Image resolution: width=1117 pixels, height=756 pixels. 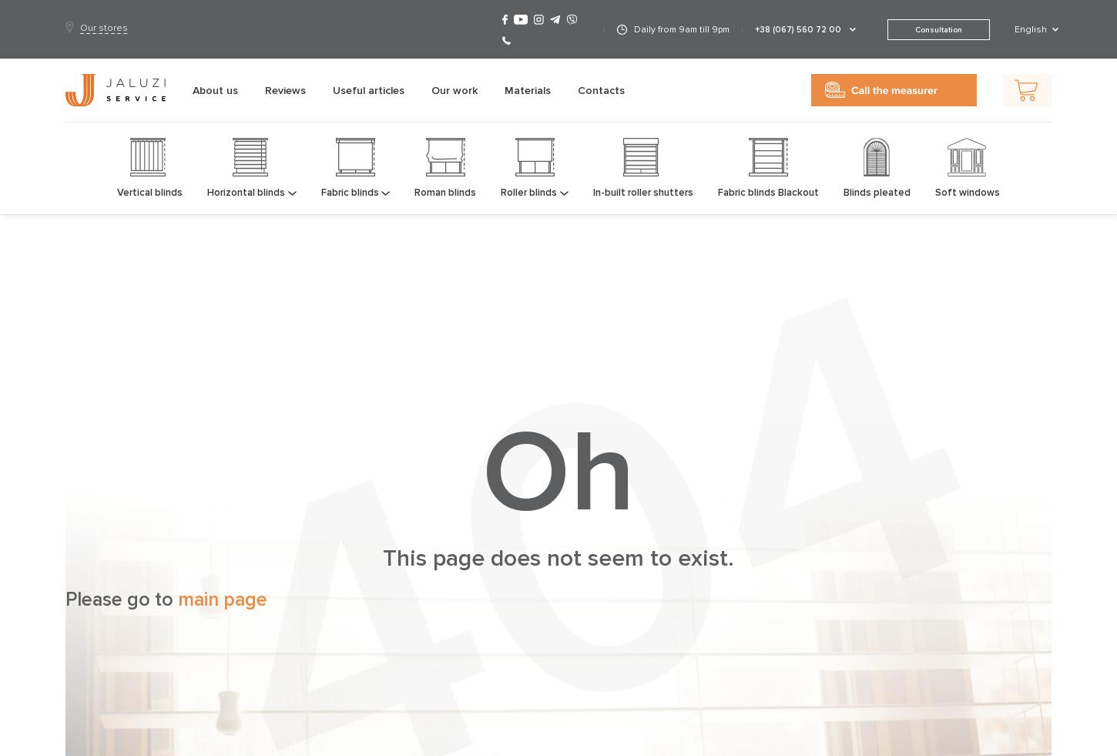 I want to click on 'Consultation', so click(x=938, y=28).